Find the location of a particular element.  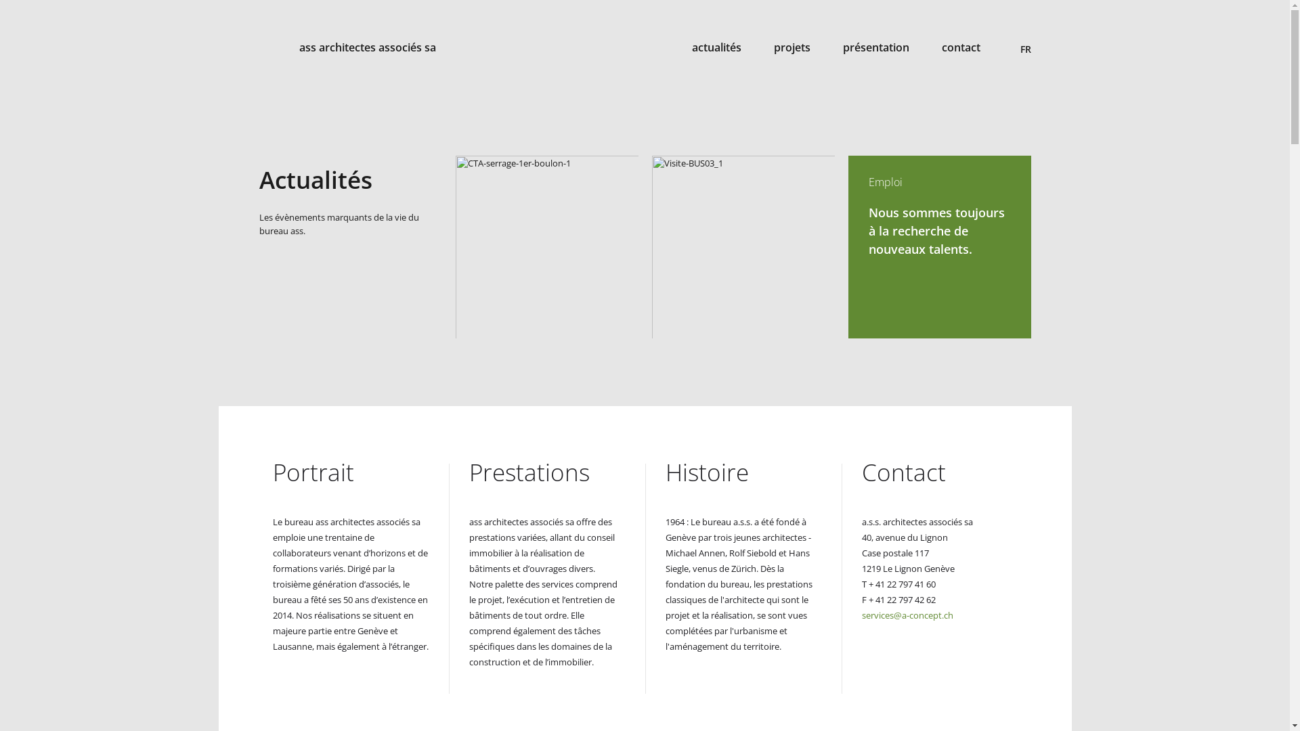

'services@a-concept.ch' is located at coordinates (907, 615).